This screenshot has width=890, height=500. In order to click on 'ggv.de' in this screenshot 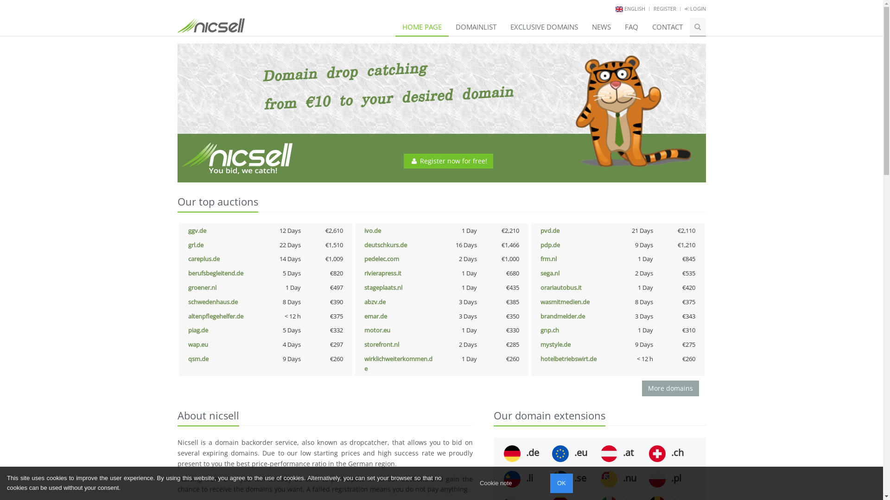, I will do `click(197, 230)`.